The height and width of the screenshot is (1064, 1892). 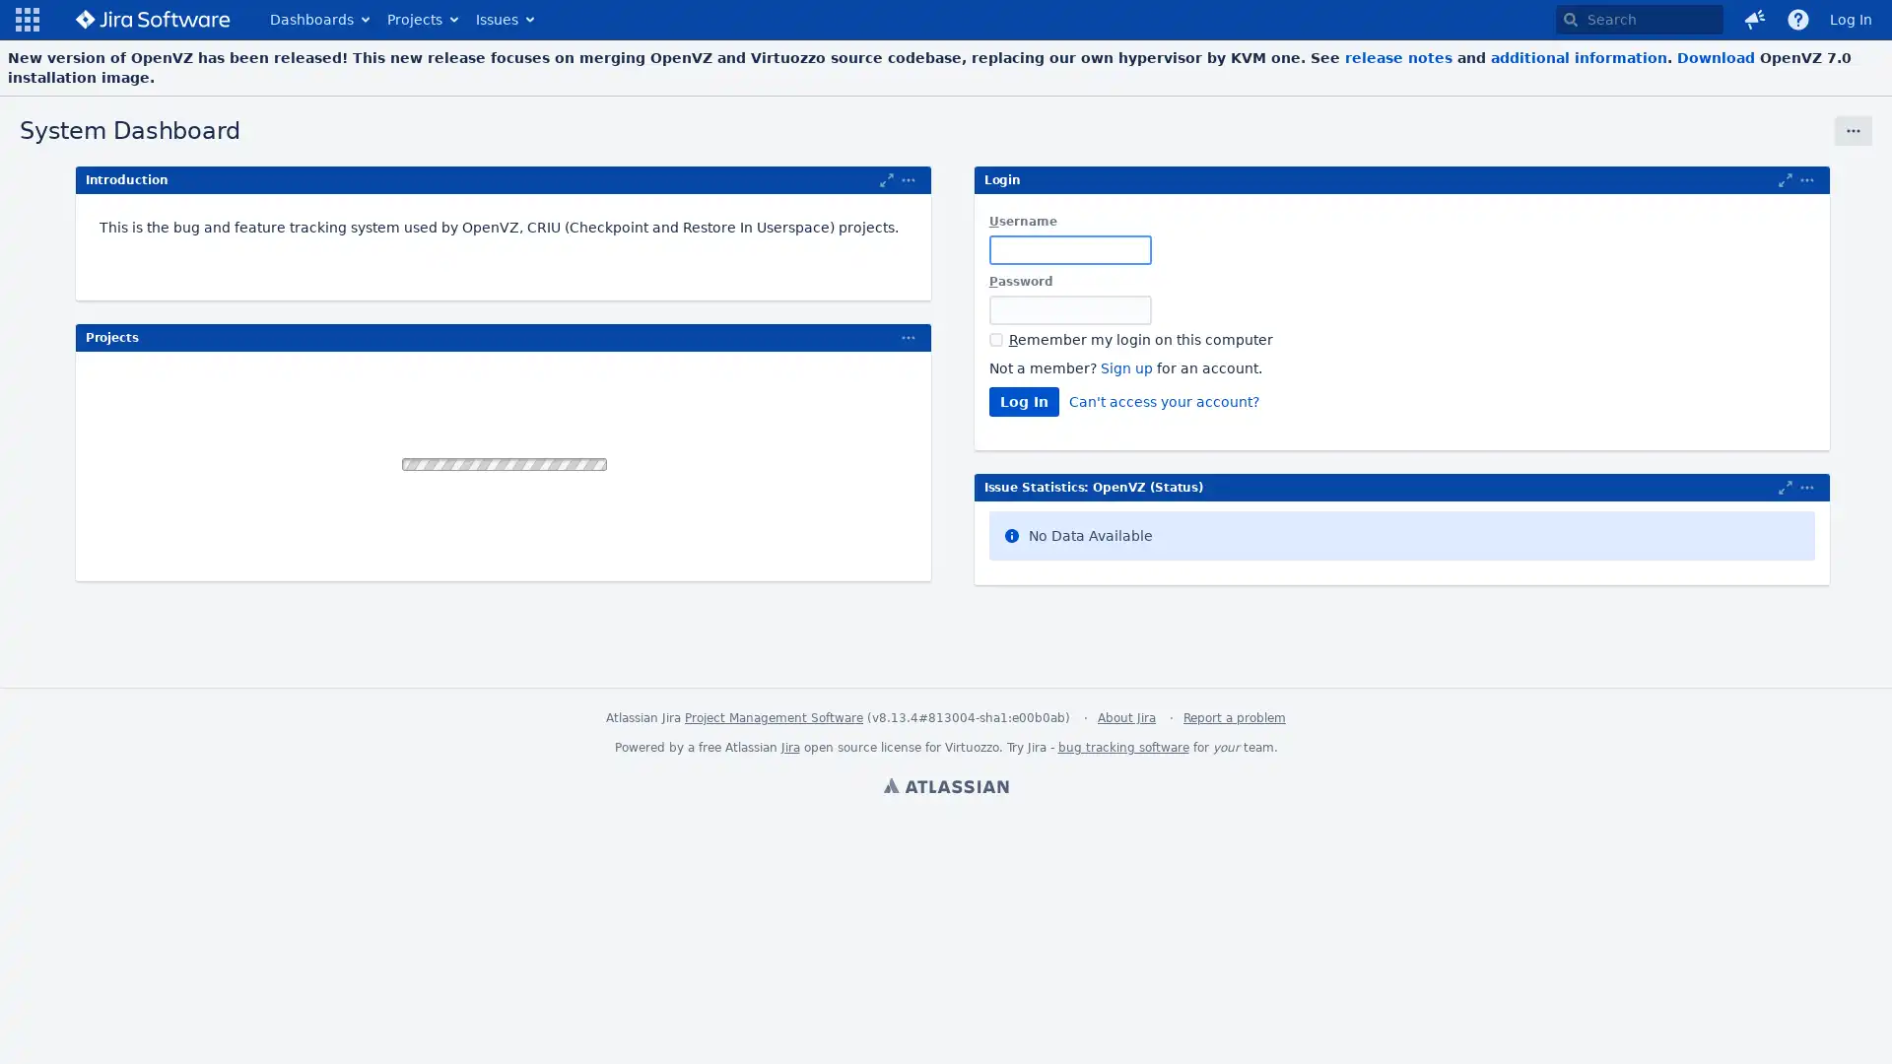 I want to click on Expand, so click(x=1826, y=179).